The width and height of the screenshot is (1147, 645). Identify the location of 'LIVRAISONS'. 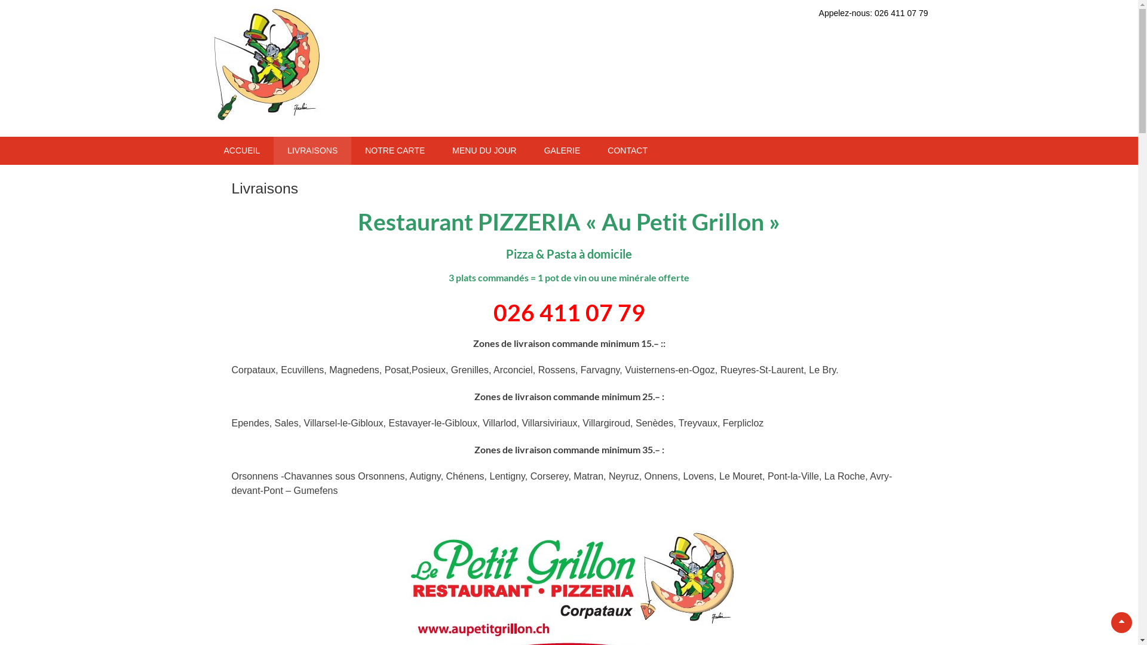
(272, 150).